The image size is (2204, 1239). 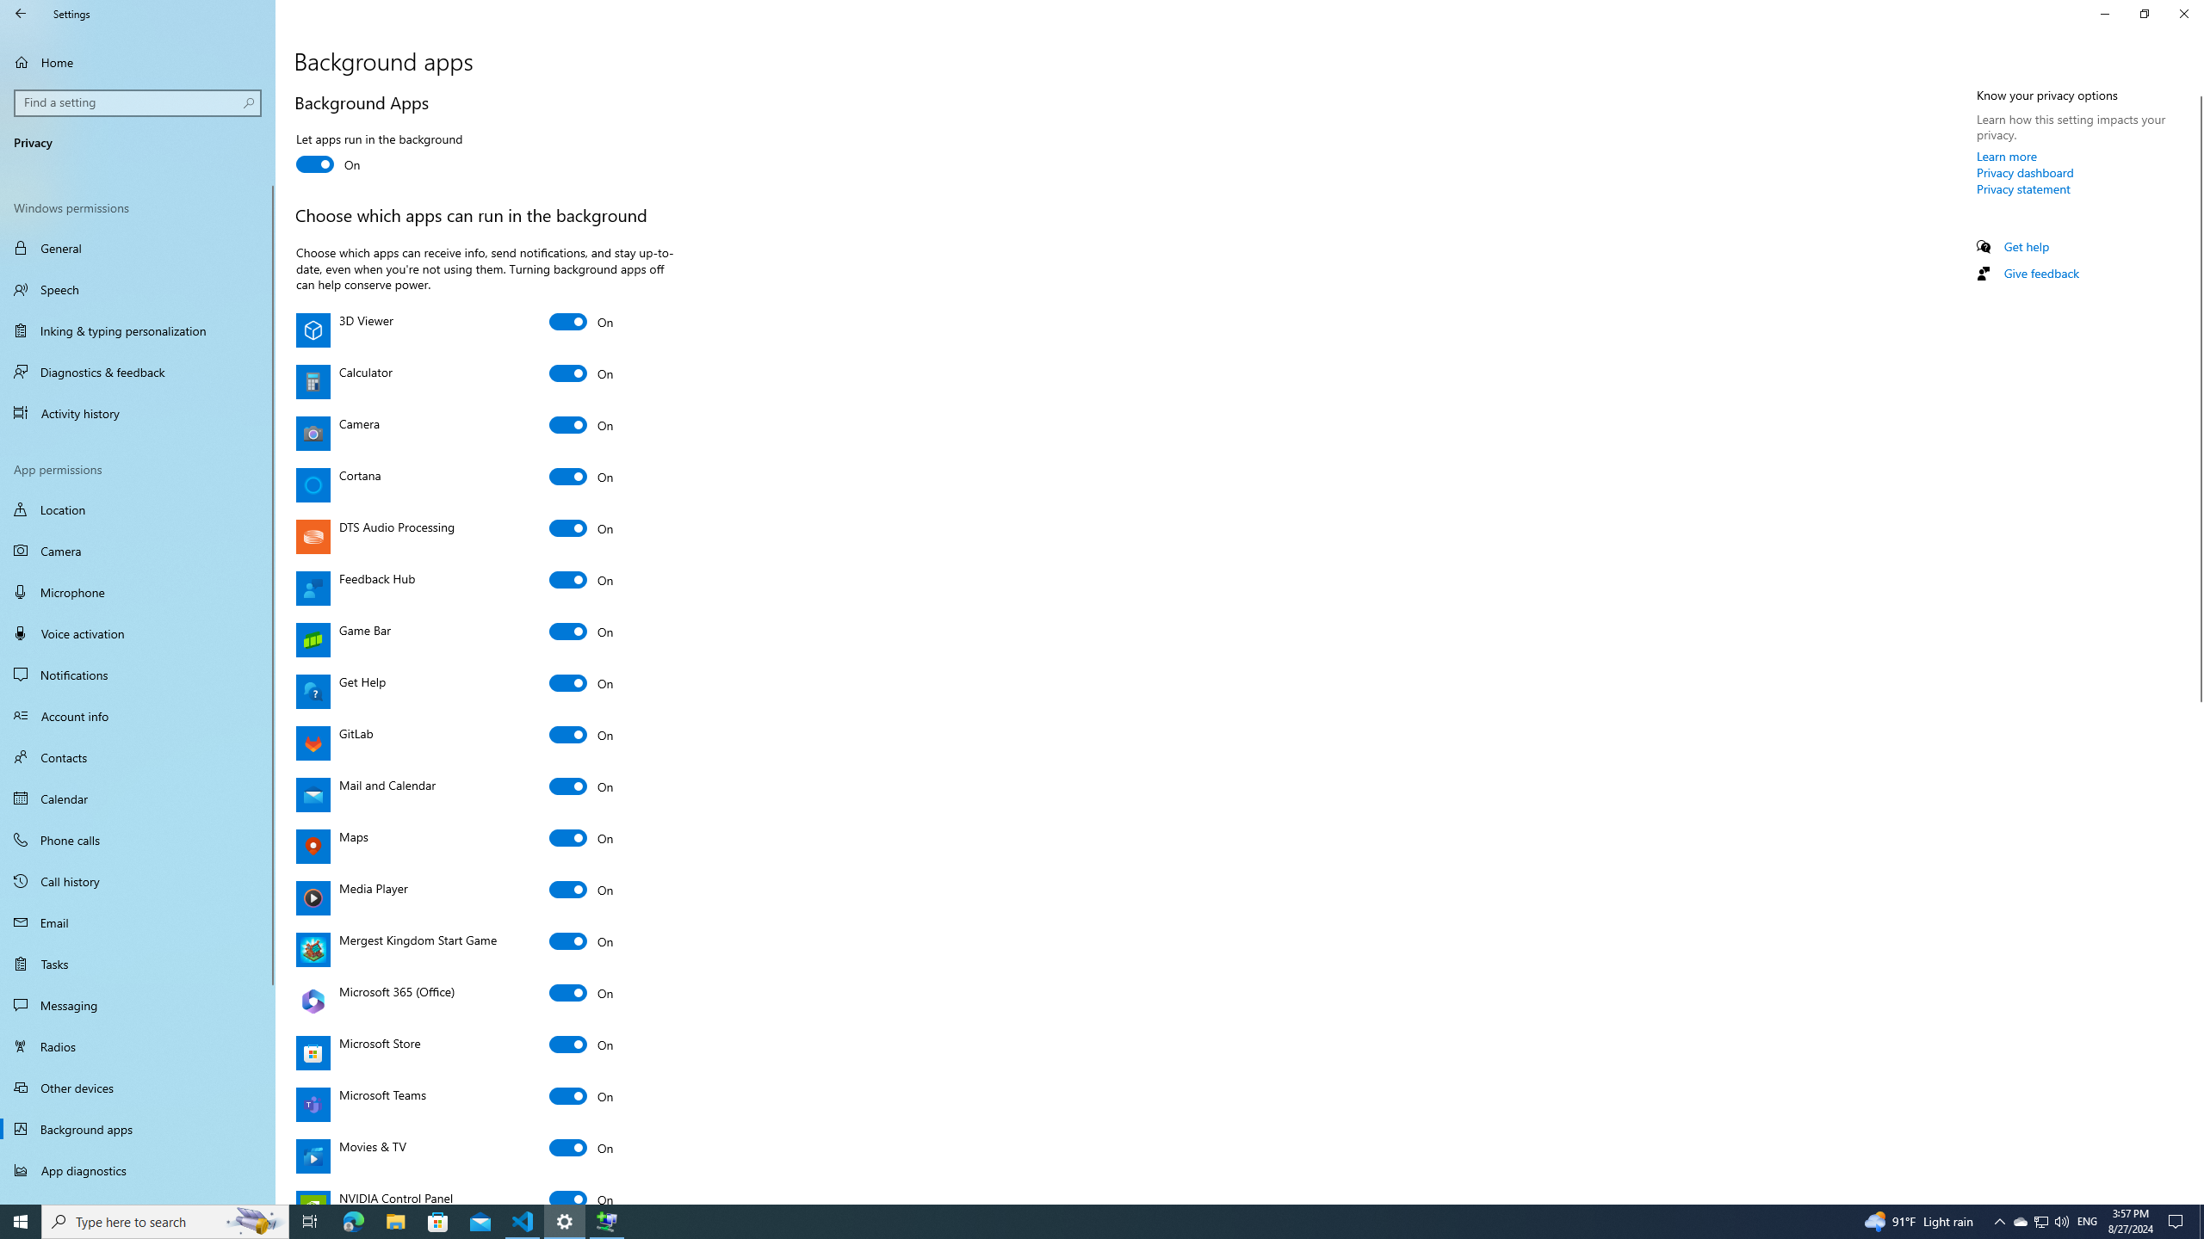 I want to click on 'File Explorer', so click(x=394, y=1220).